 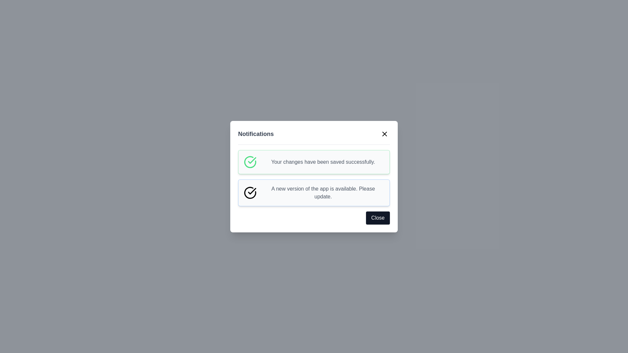 I want to click on the green circular icon with a checkmark in the center, which signifies a confirmation status, located to the left of the text 'Your changes have been saved successfully.' in the notification box, so click(x=250, y=161).